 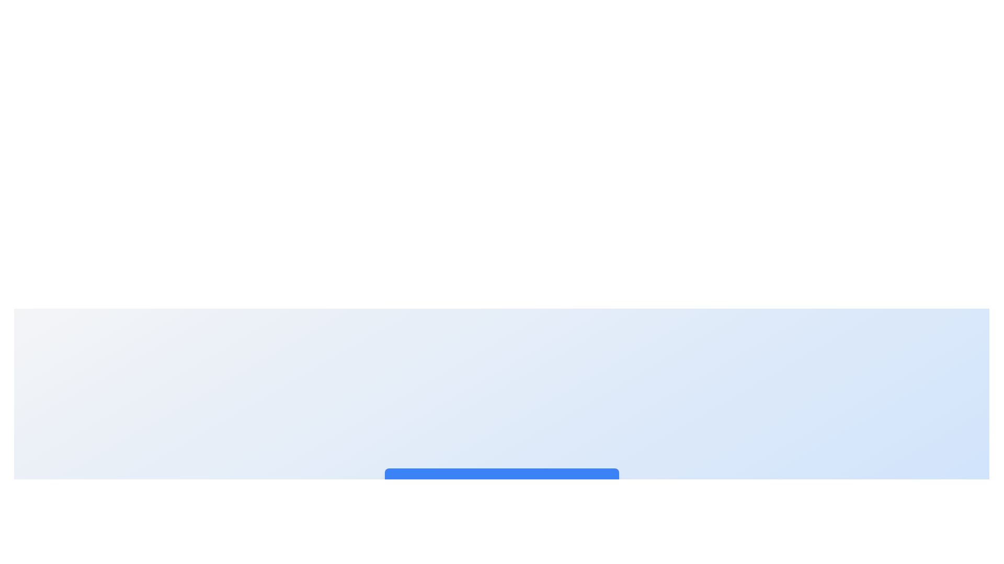 What do you see at coordinates (595, 484) in the screenshot?
I see `'Close' button to toggle the menu's open/close state` at bounding box center [595, 484].